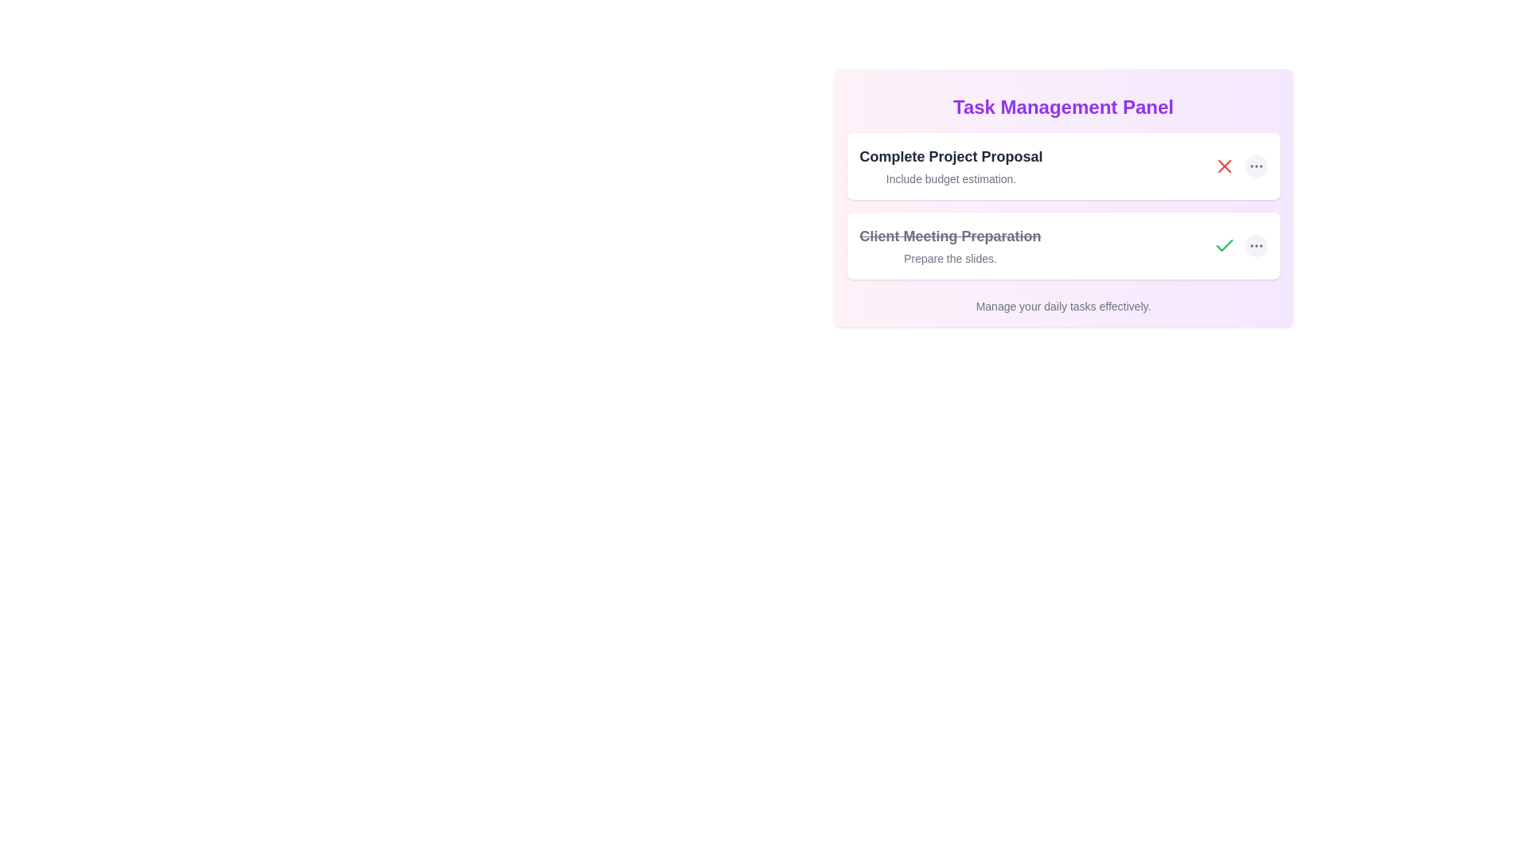 Image resolution: width=1529 pixels, height=860 pixels. I want to click on the informational text label located at the bottom-center of the 'Task Management Panel', which provides context or a motivational statement for users, so click(1063, 307).